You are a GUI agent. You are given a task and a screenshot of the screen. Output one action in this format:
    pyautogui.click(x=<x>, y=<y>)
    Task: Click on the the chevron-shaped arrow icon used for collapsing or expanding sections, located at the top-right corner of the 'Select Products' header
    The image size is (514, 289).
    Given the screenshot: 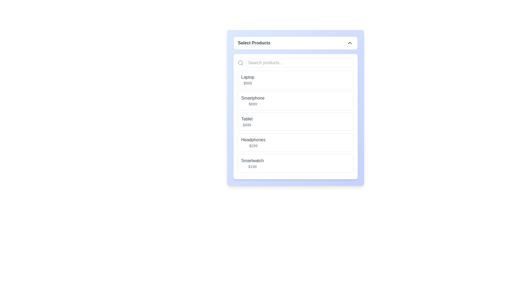 What is the action you would take?
    pyautogui.click(x=350, y=43)
    